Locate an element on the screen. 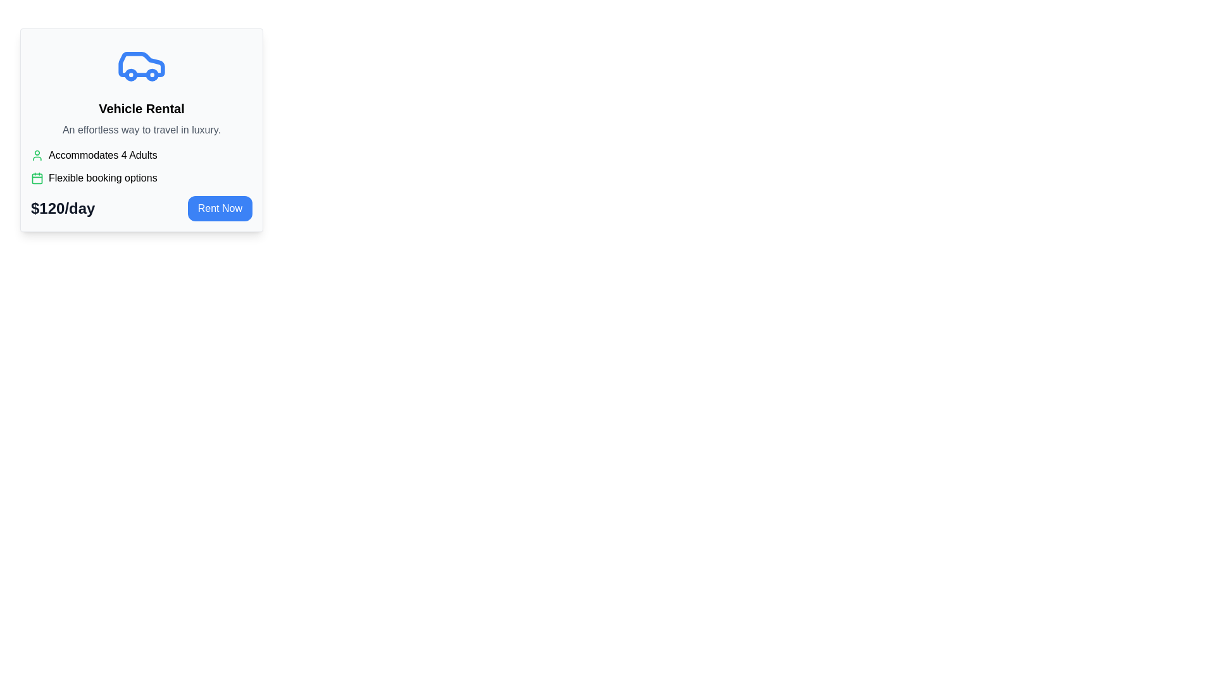  the rectangular shape that is part of the calendar icon located below the 'Flexible booking options' text, which represents the main body of the calendar grid area is located at coordinates (37, 178).